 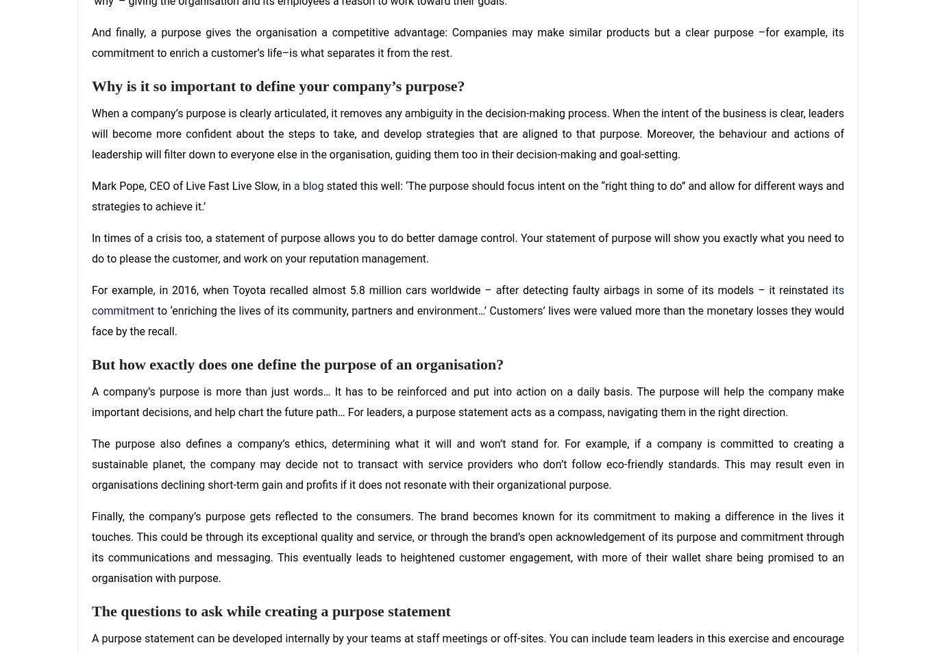 I want to click on 'its commitment', so click(x=468, y=300).